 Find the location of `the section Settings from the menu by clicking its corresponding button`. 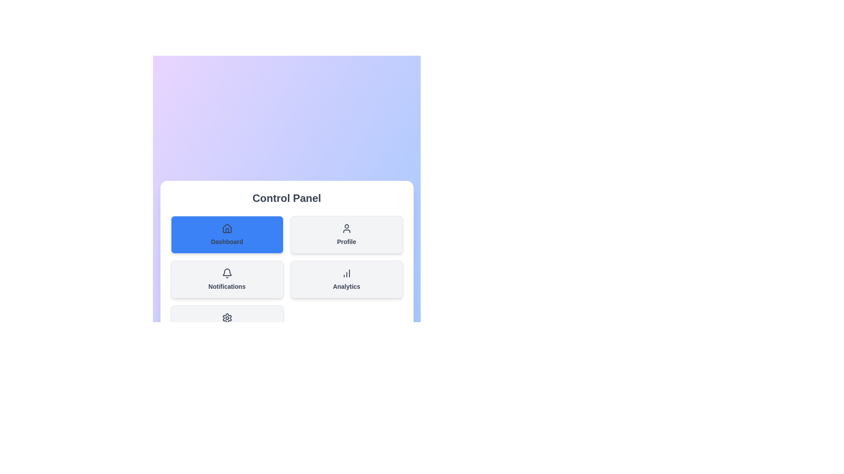

the section Settings from the menu by clicking its corresponding button is located at coordinates (227, 324).